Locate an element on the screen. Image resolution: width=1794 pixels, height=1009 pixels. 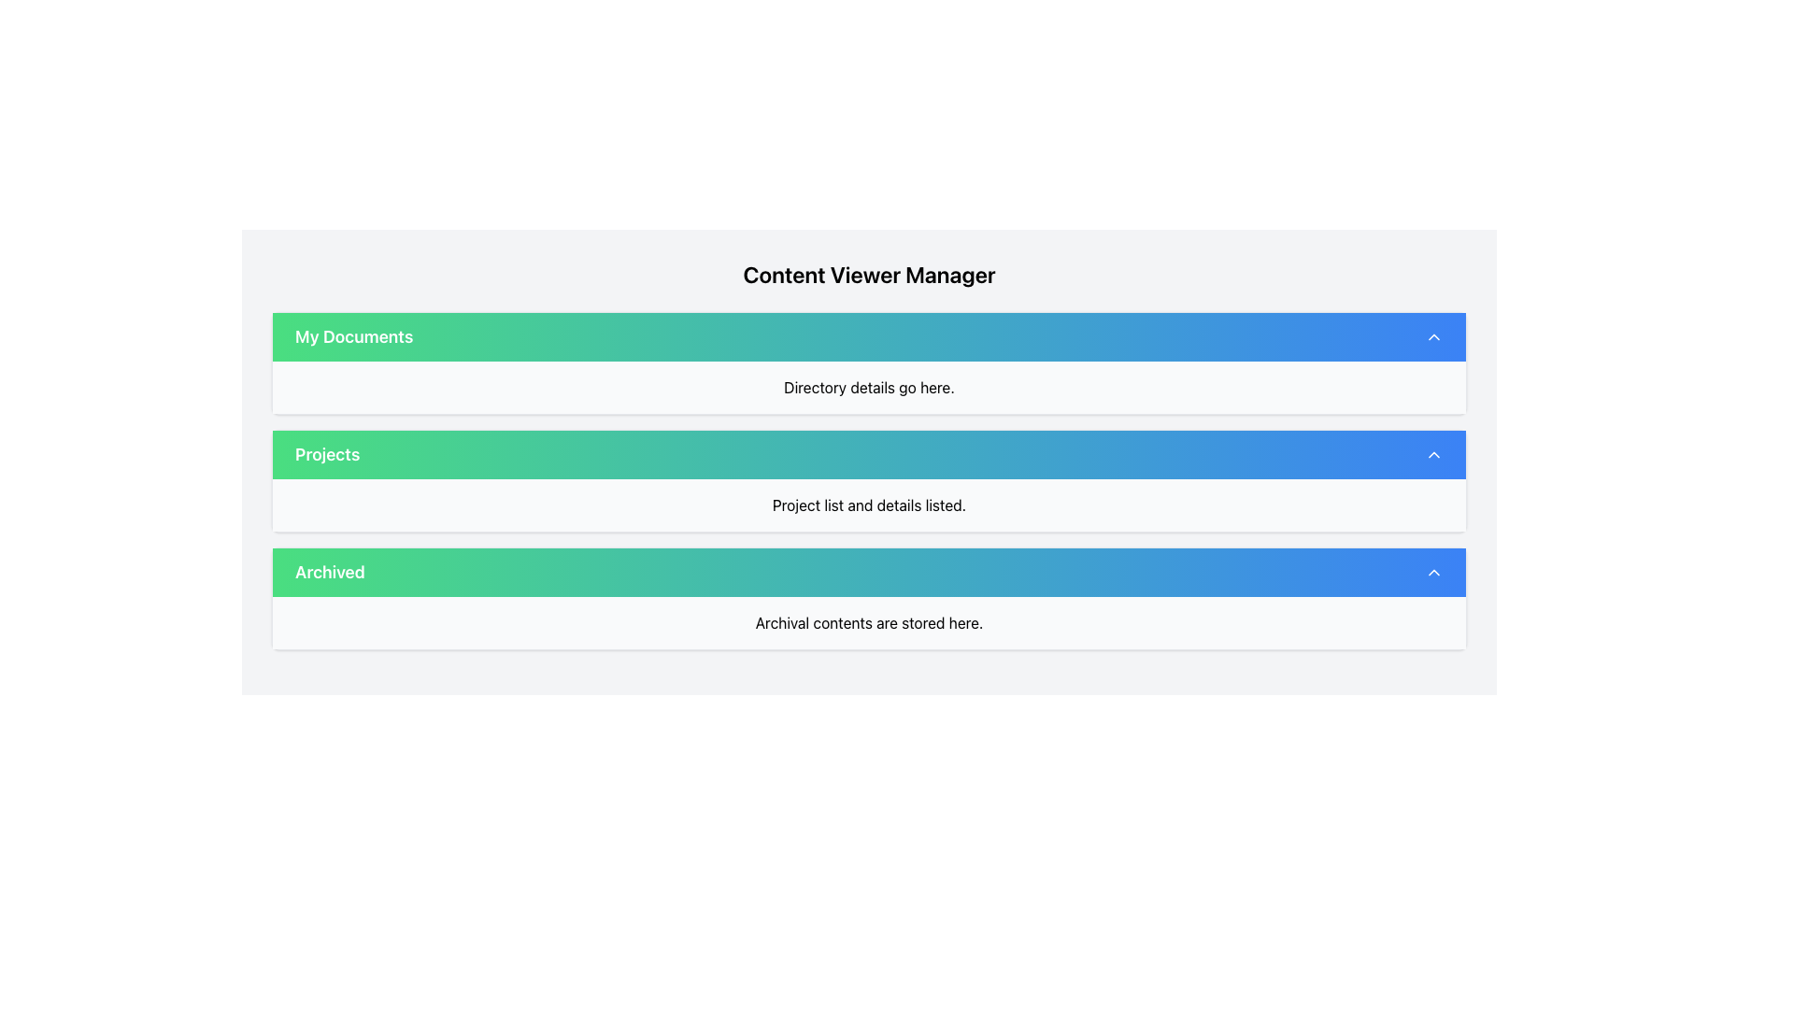
text within the Text Display Area that contains 'Directory details go here.' located beneath the header 'My Documents' is located at coordinates (868, 387).